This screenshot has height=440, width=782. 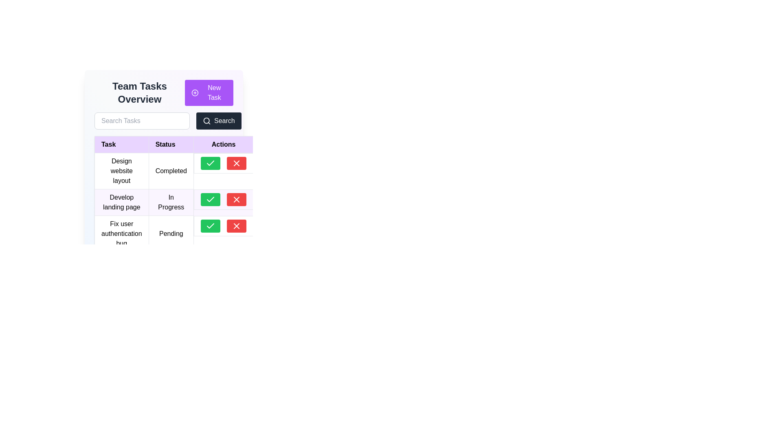 I want to click on the delete button located at the end of the actions column in the task list, so click(x=236, y=163).